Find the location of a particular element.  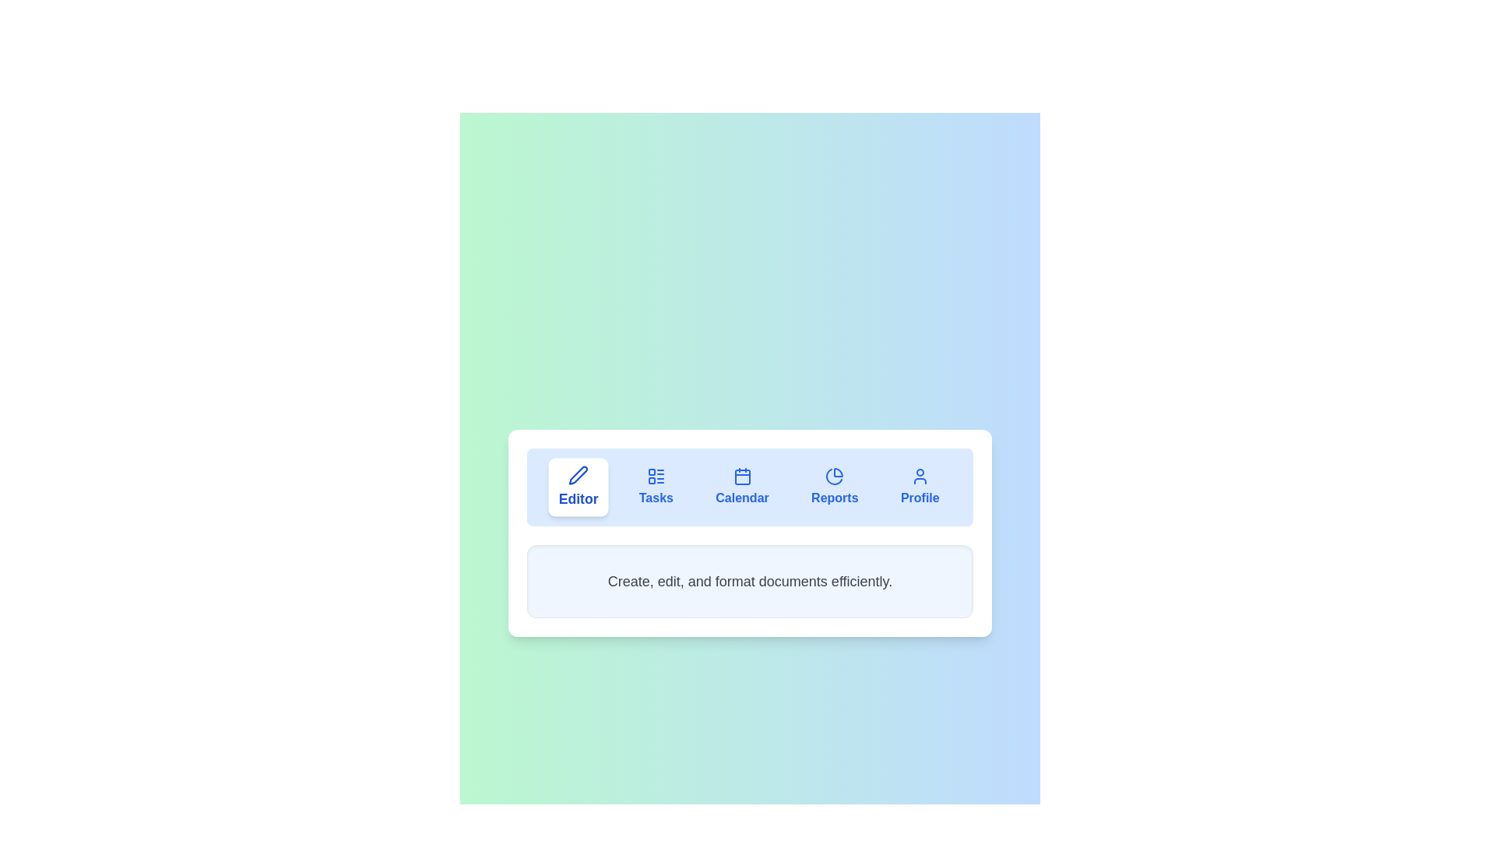

the Calendar tab by clicking on its navigation button is located at coordinates (741, 486).